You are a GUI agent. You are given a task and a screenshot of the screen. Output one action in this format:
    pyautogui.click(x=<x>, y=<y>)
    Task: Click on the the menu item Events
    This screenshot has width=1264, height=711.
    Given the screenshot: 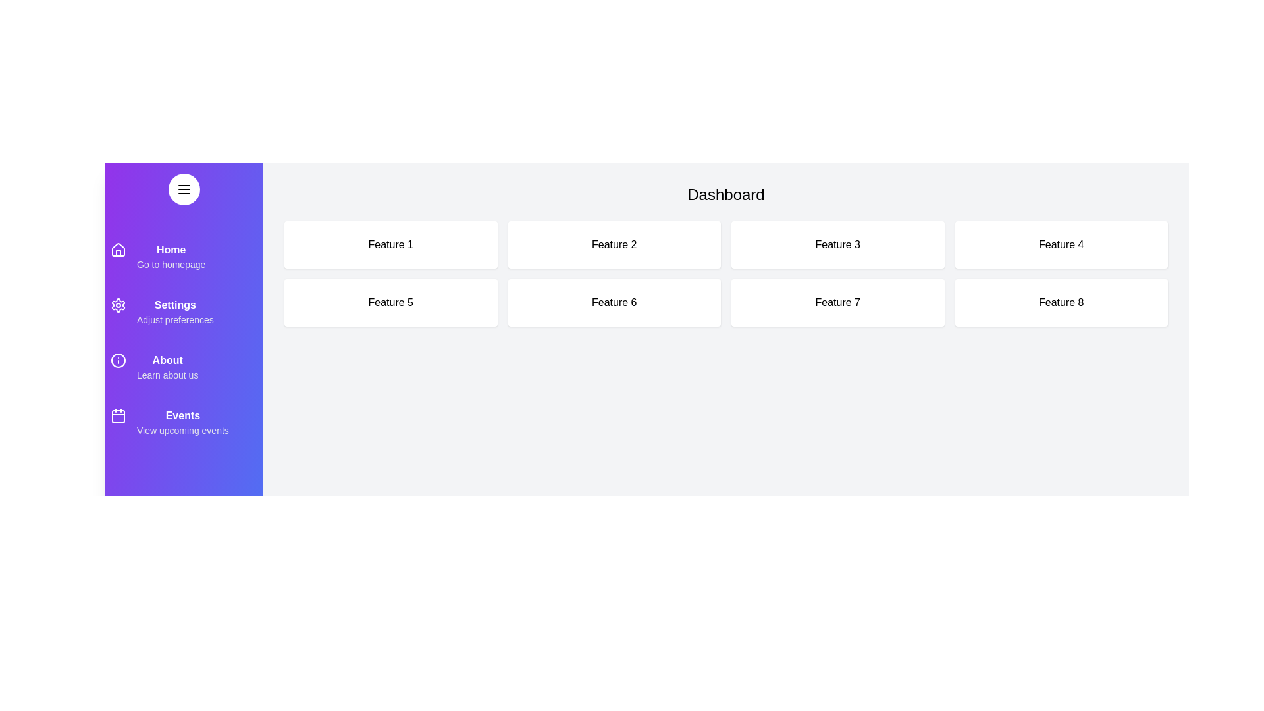 What is the action you would take?
    pyautogui.click(x=183, y=422)
    